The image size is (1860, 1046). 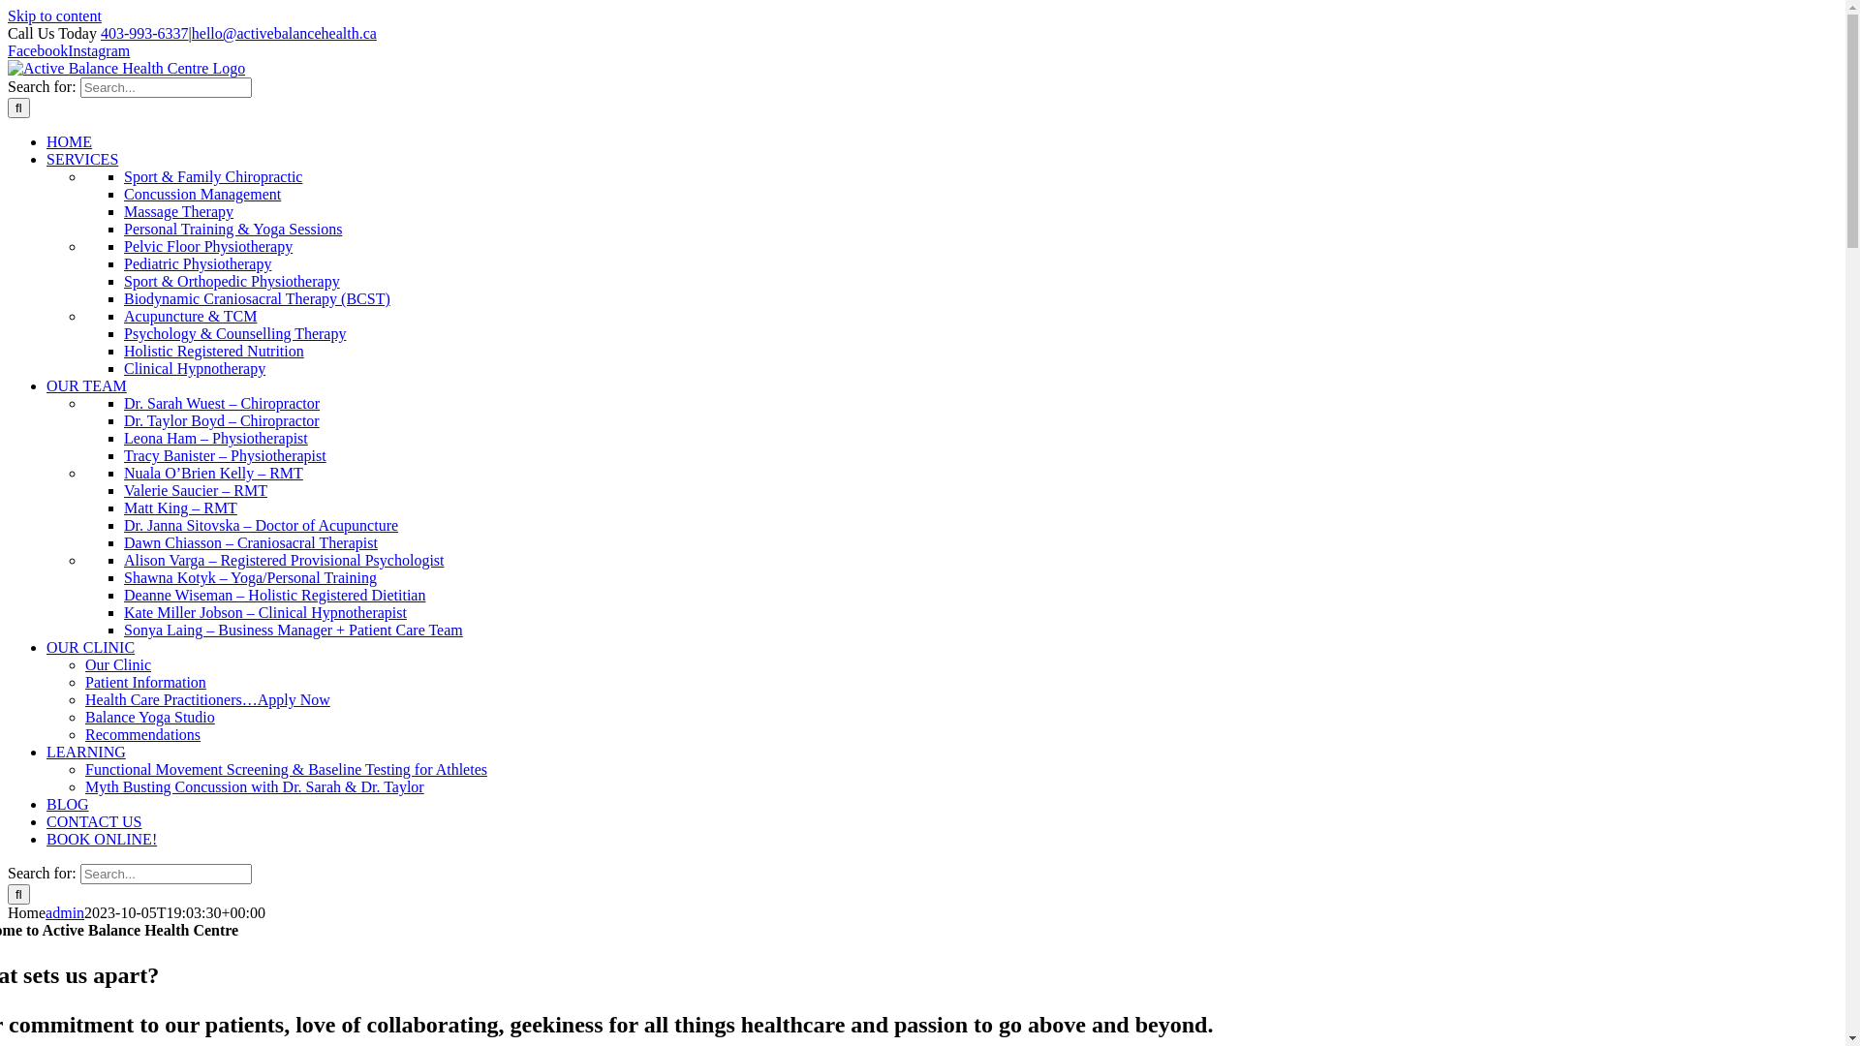 What do you see at coordinates (208, 245) in the screenshot?
I see `'Pelvic Floor Physiotherapy'` at bounding box center [208, 245].